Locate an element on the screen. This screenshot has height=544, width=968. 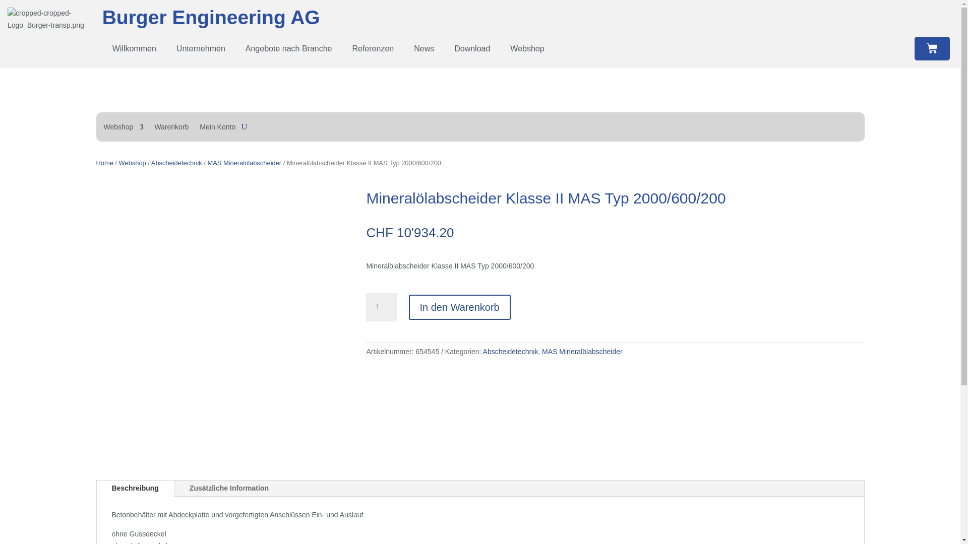
'Warenkorb' is located at coordinates (171, 128).